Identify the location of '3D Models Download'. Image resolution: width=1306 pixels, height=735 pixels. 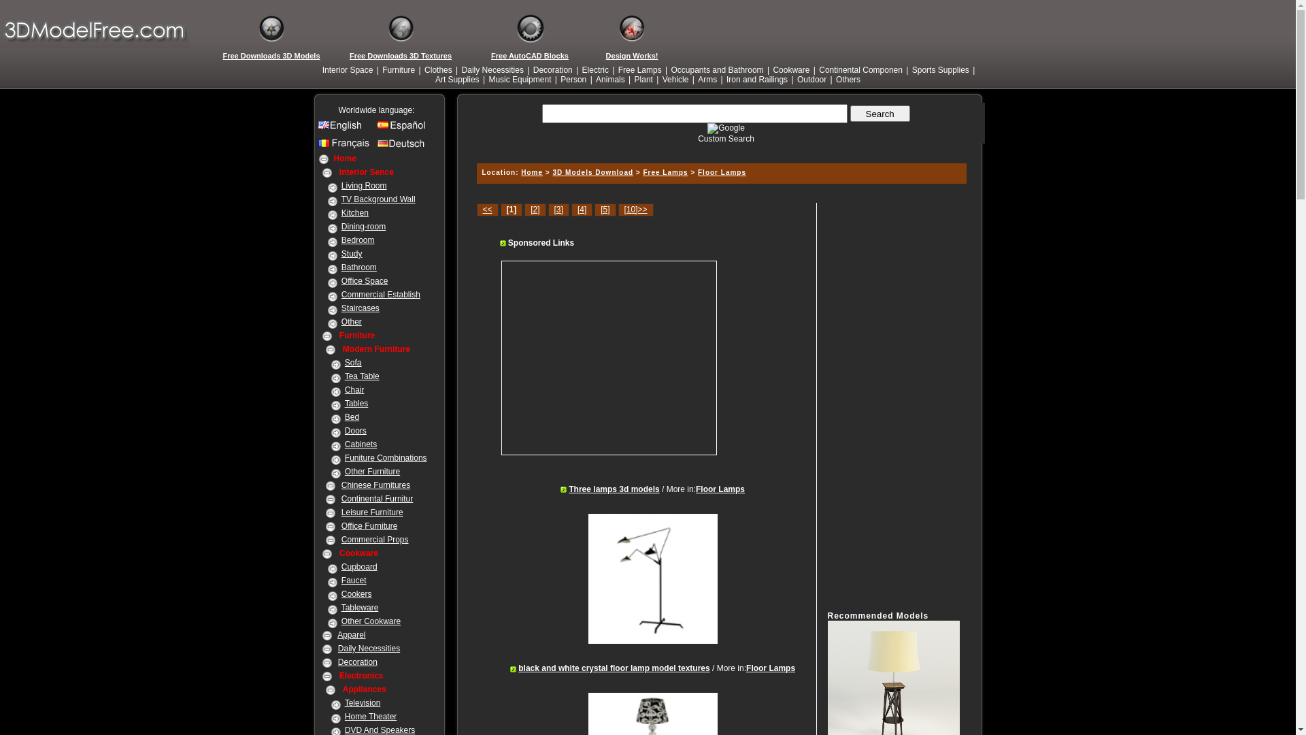
(552, 171).